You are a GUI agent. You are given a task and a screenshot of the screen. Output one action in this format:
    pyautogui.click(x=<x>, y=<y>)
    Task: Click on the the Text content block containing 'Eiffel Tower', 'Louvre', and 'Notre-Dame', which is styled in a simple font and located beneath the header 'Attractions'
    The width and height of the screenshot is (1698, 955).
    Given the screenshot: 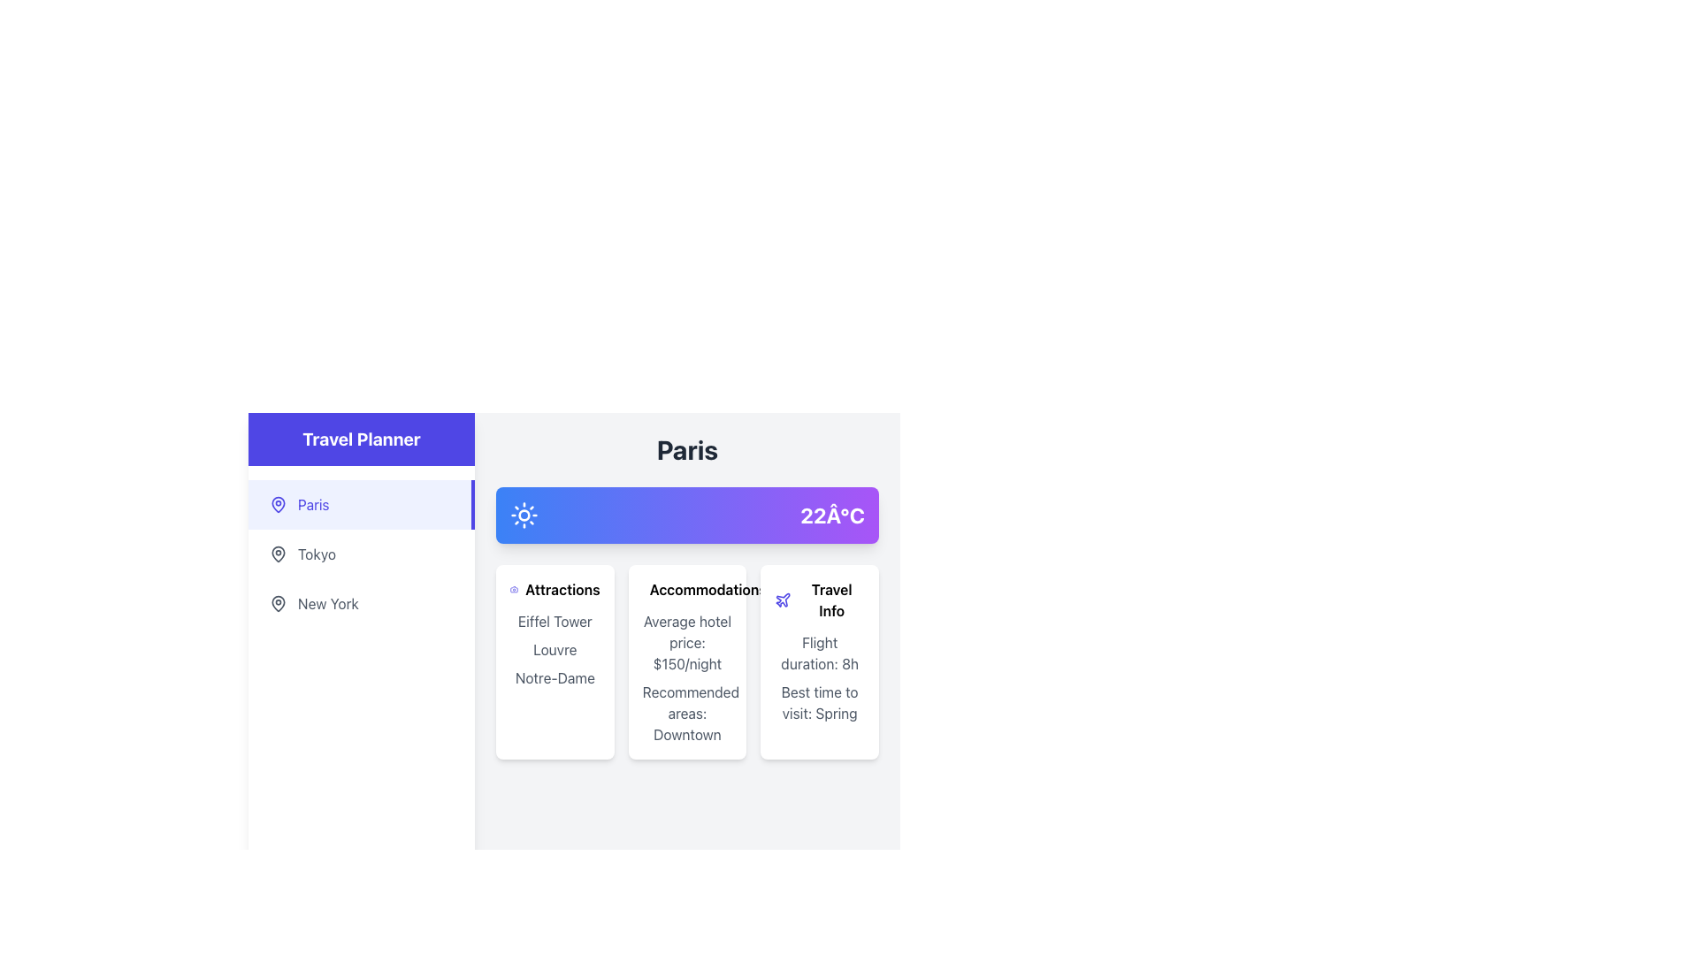 What is the action you would take?
    pyautogui.click(x=554, y=650)
    